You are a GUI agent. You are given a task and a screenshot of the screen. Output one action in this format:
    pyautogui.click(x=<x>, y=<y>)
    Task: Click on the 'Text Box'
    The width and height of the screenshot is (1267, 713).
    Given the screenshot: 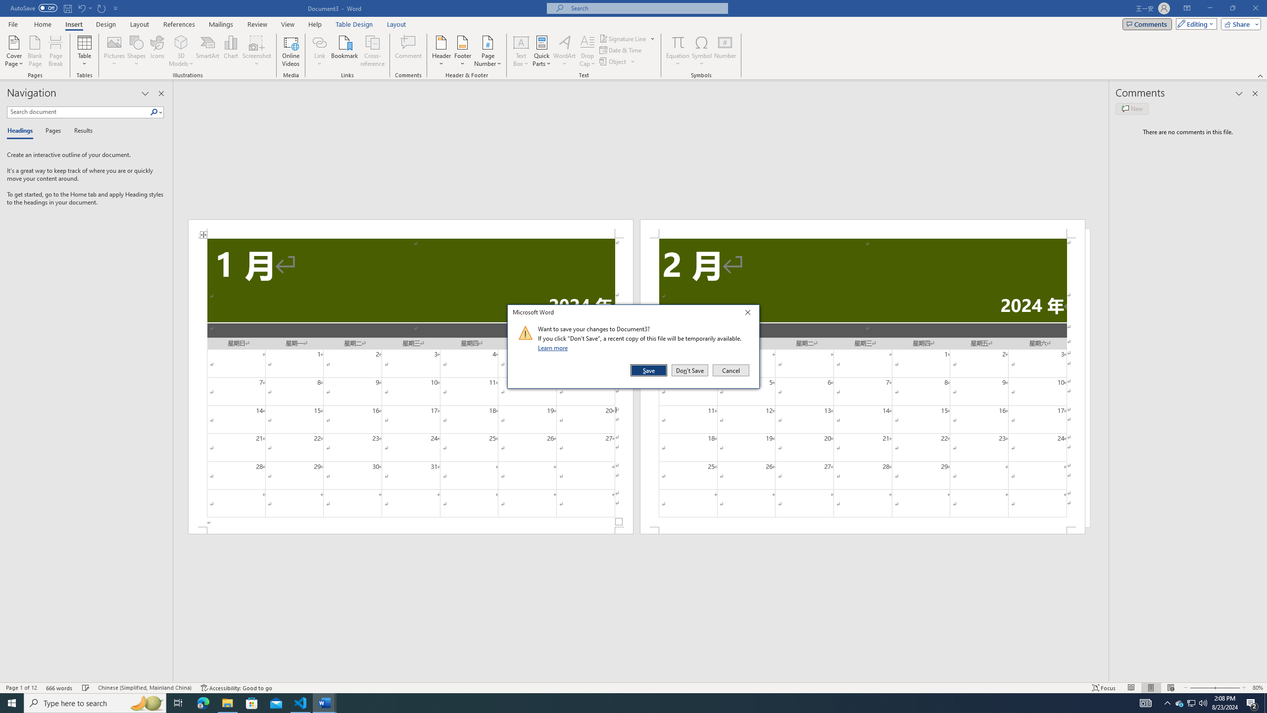 What is the action you would take?
    pyautogui.click(x=521, y=51)
    